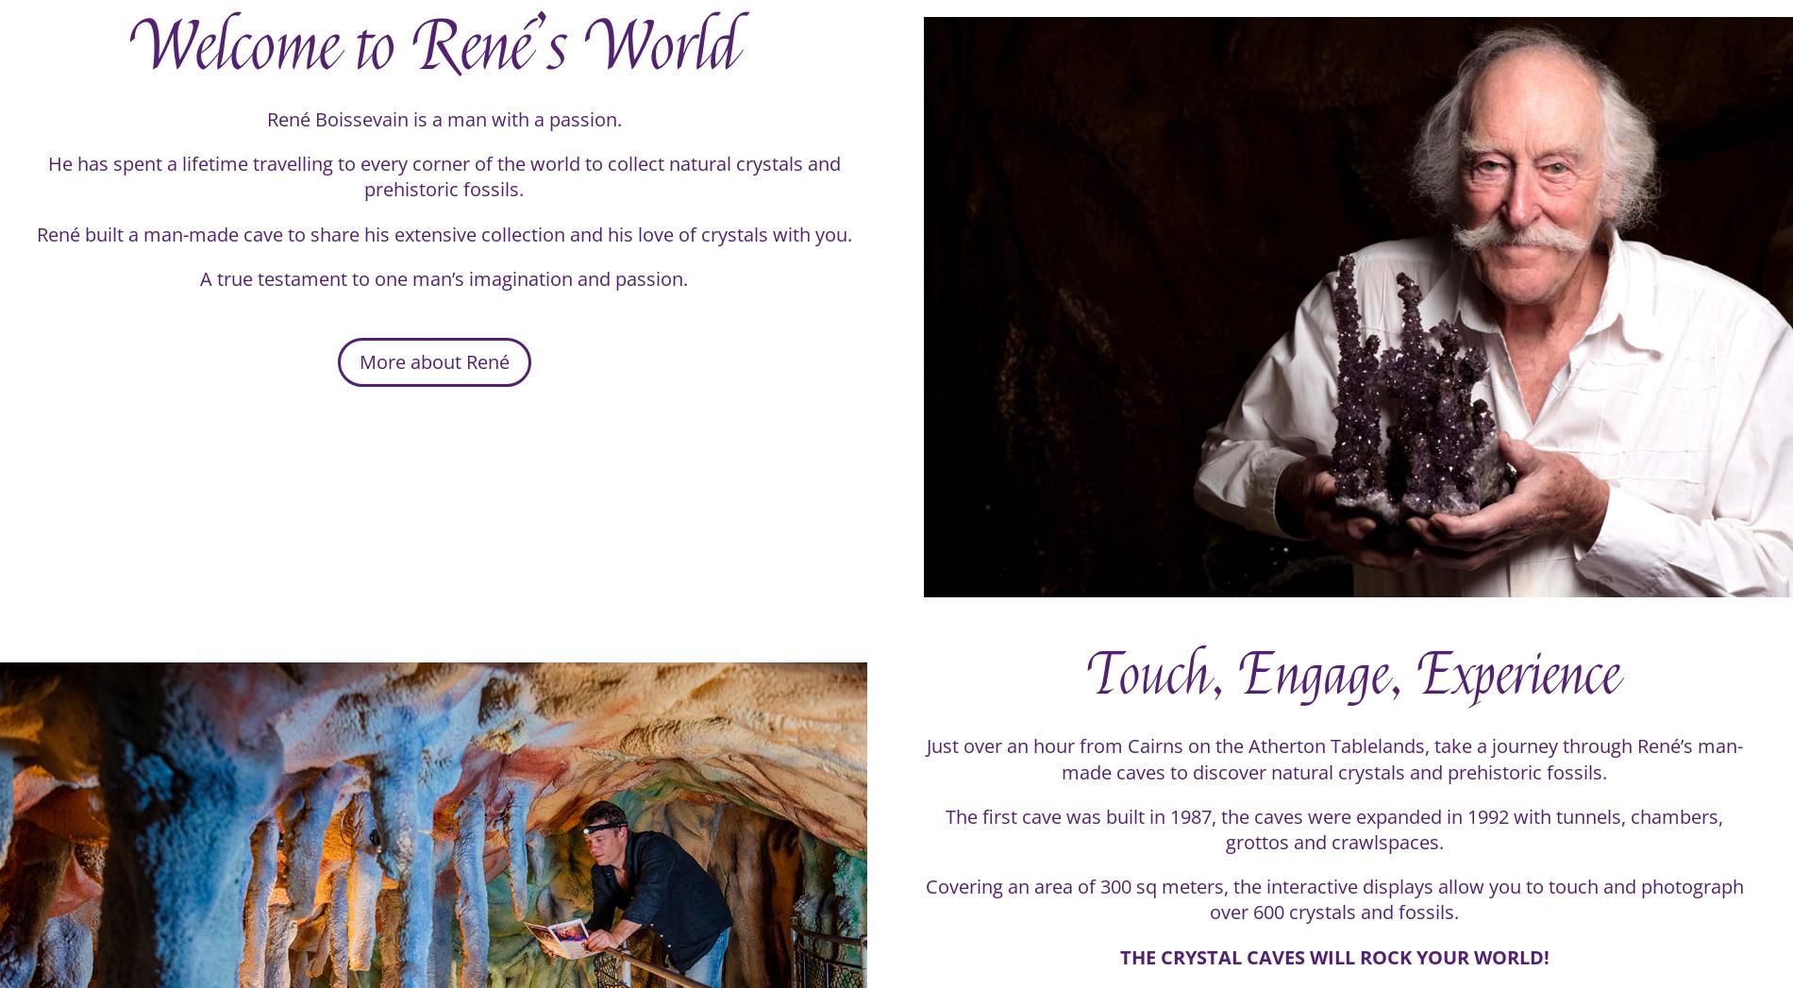  What do you see at coordinates (227, 292) in the screenshot?
I see `'A true'` at bounding box center [227, 292].